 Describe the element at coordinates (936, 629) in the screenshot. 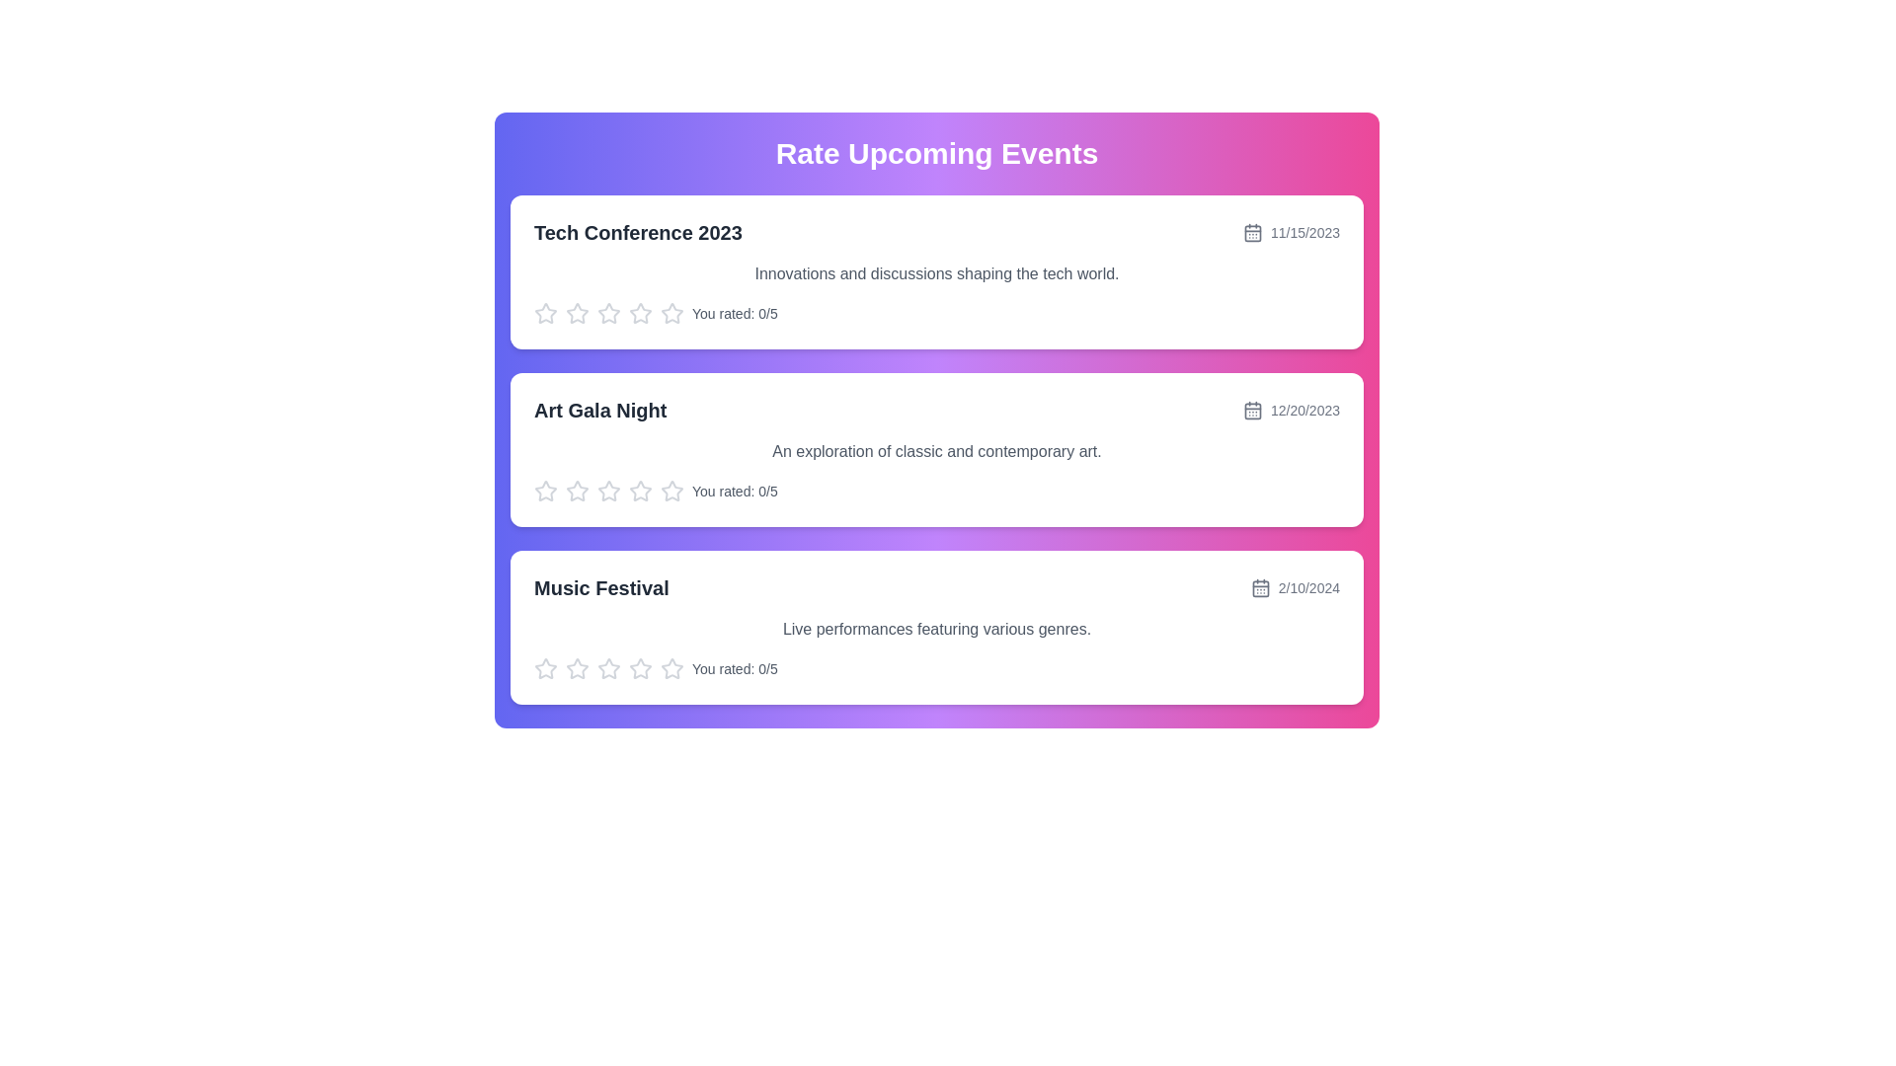

I see `descriptive text element located under the title 'Music Festival' in the list of upcoming events, which provides additional information about the performances` at that location.